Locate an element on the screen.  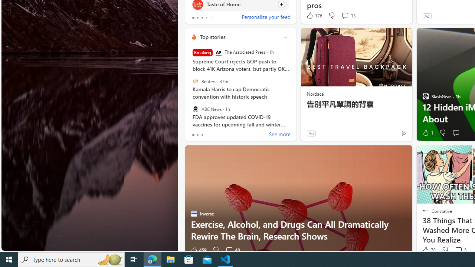
'176 Like' is located at coordinates (314, 16).